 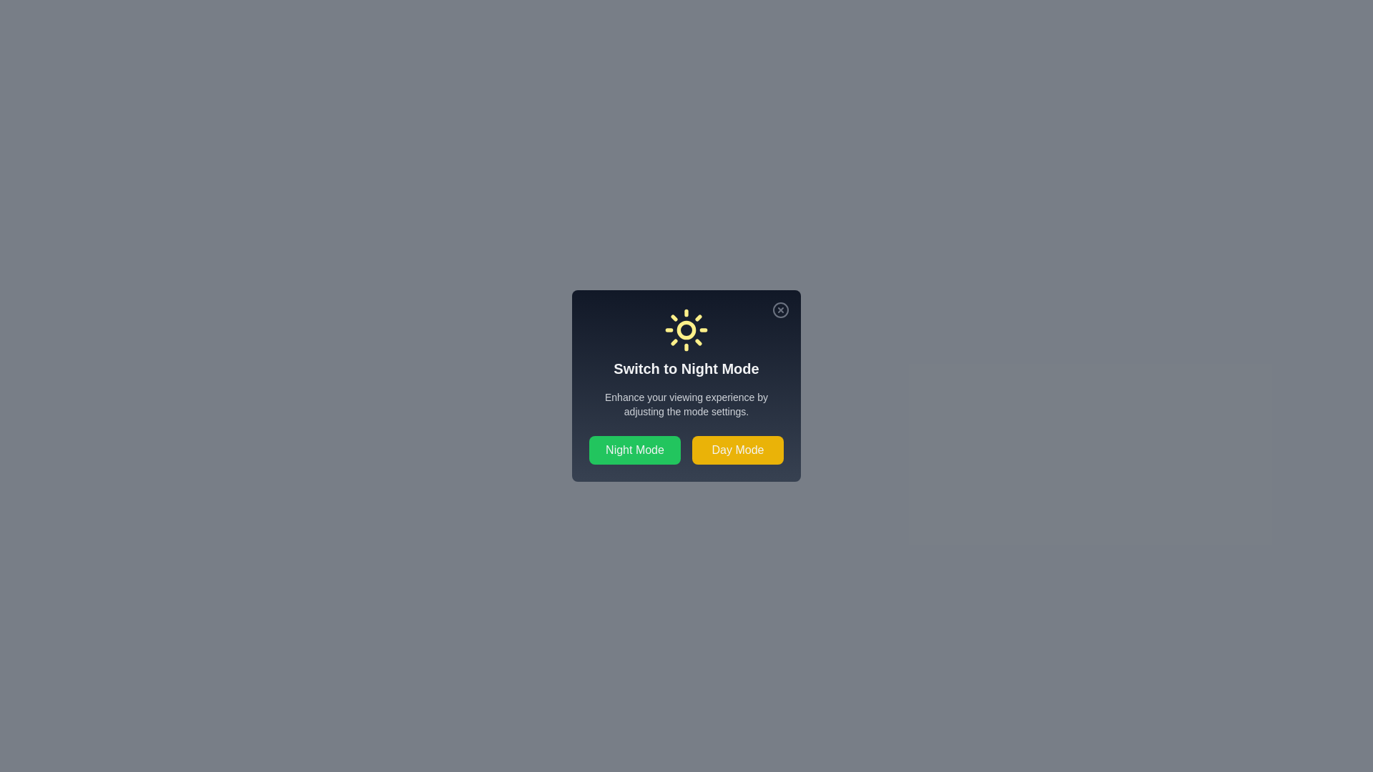 I want to click on the 'Day Mode' button to switch to day mode, so click(x=738, y=449).